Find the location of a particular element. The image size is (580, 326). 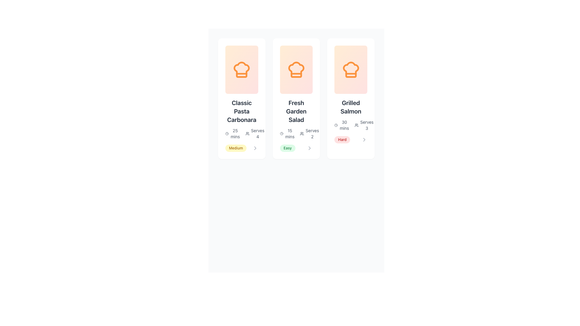

the clock icon with a circular frame and clock hands pointing toward 12 and 2, located adjacent to the text '25 mins' in the 'Classic Pasta Carbonara' card is located at coordinates (227, 133).